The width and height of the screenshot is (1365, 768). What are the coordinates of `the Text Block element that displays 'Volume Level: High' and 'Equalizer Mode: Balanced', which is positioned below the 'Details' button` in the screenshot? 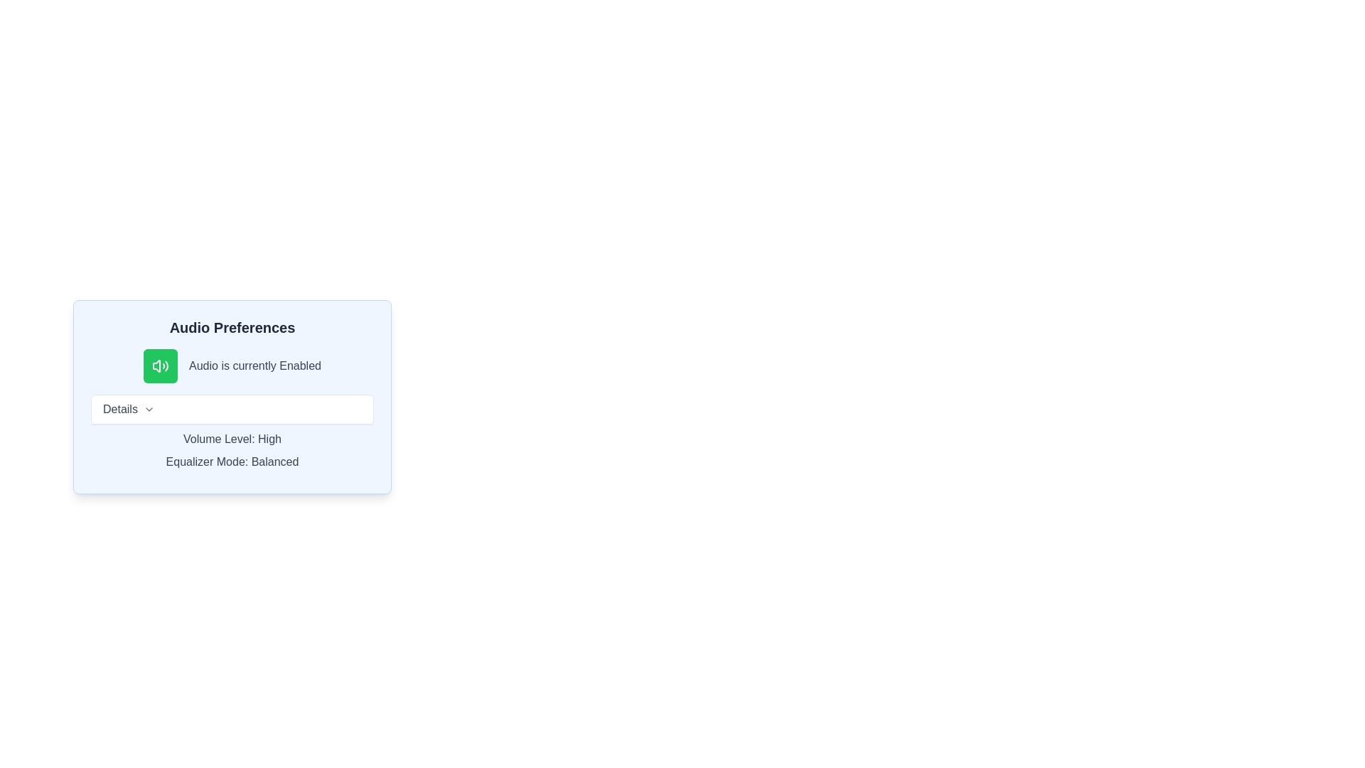 It's located at (232, 449).